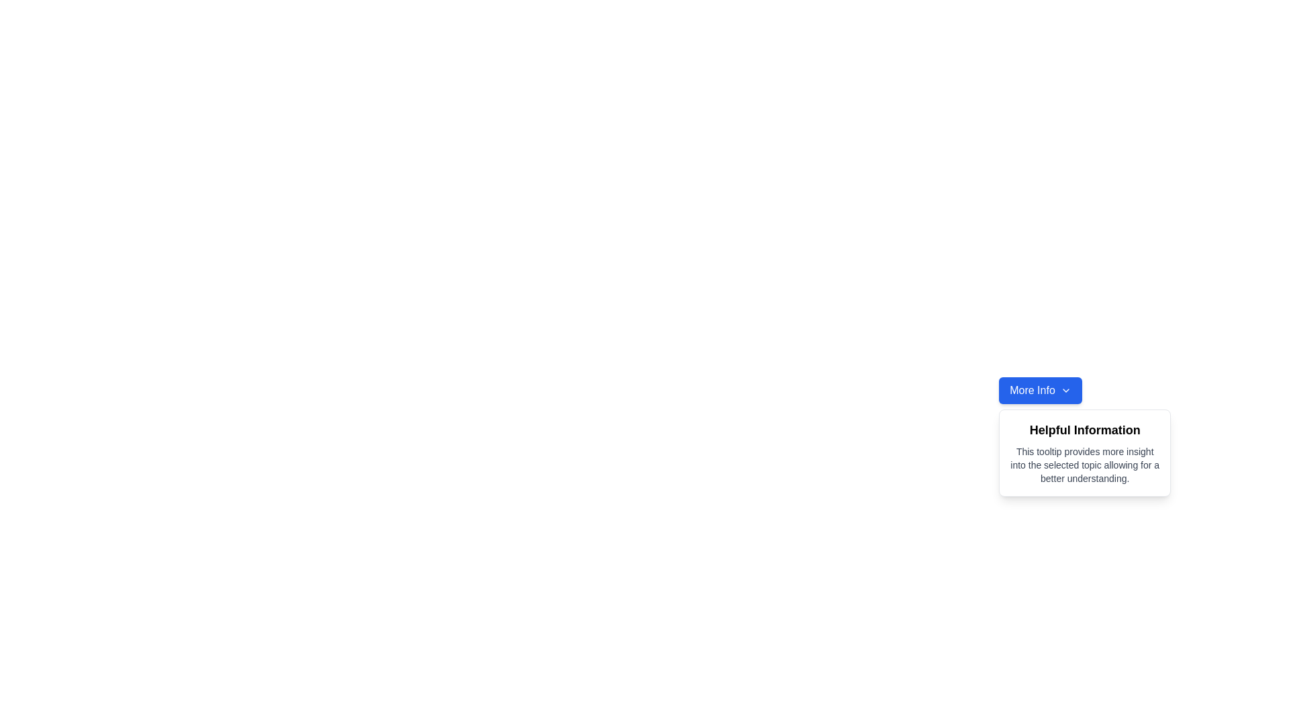 The image size is (1289, 725). Describe the element at coordinates (1040, 391) in the screenshot. I see `the rectangular button labeled 'More Info' with white text on a blue background, which features rounded corners and a downward arrow icon` at that location.